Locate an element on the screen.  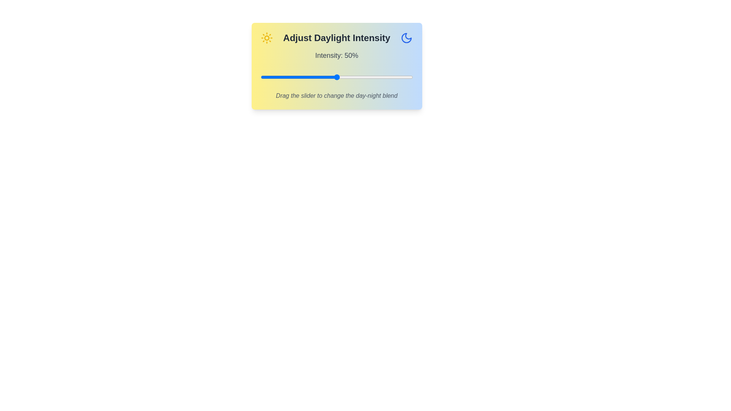
the daylight intensity slider to 1% is located at coordinates (262, 77).